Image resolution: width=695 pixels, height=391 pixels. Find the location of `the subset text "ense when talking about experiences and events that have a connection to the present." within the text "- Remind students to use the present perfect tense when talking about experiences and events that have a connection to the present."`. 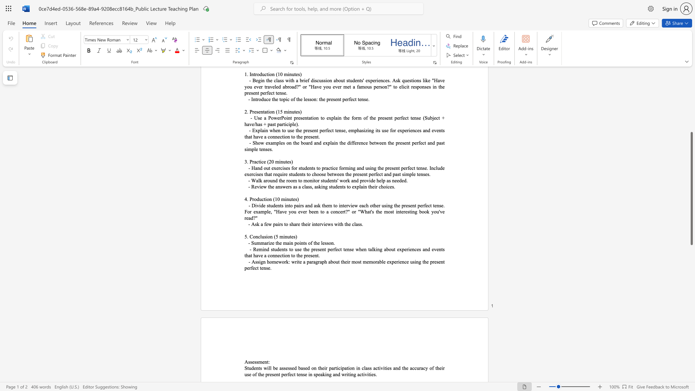

the subset text "ense when talking about experiences and events that have a connection to the present." within the text "- Remind students to use the present perfect tense when talking about experiences and events that have a connection to the present." is located at coordinates (344, 249).